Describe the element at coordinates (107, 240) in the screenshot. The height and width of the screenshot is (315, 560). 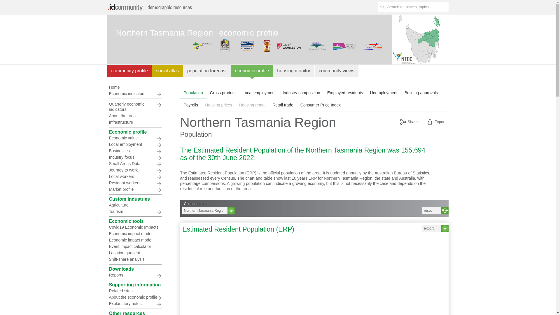
I see `'Economic impact model'` at that location.